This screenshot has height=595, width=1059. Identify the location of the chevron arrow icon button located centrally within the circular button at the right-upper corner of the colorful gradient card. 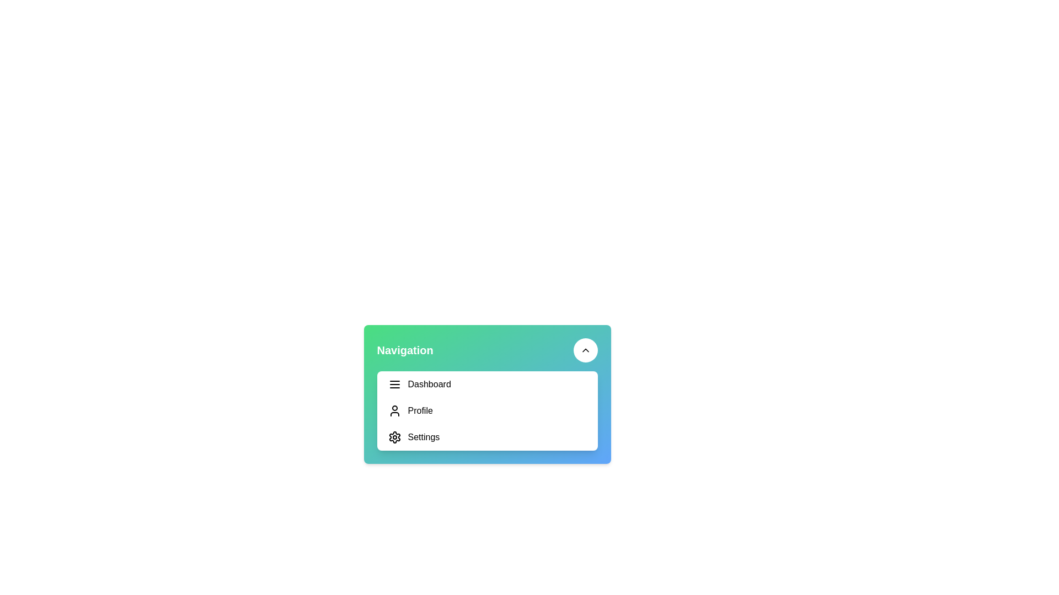
(585, 350).